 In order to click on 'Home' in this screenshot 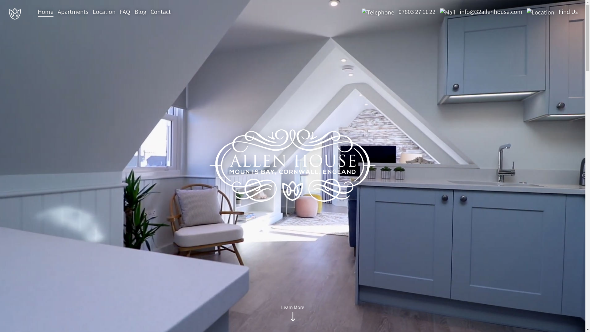, I will do `click(45, 12)`.